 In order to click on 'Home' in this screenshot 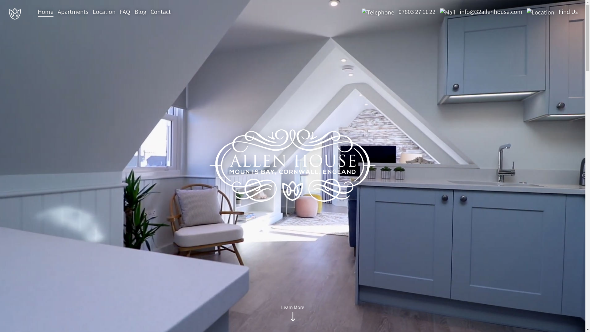, I will do `click(45, 12)`.